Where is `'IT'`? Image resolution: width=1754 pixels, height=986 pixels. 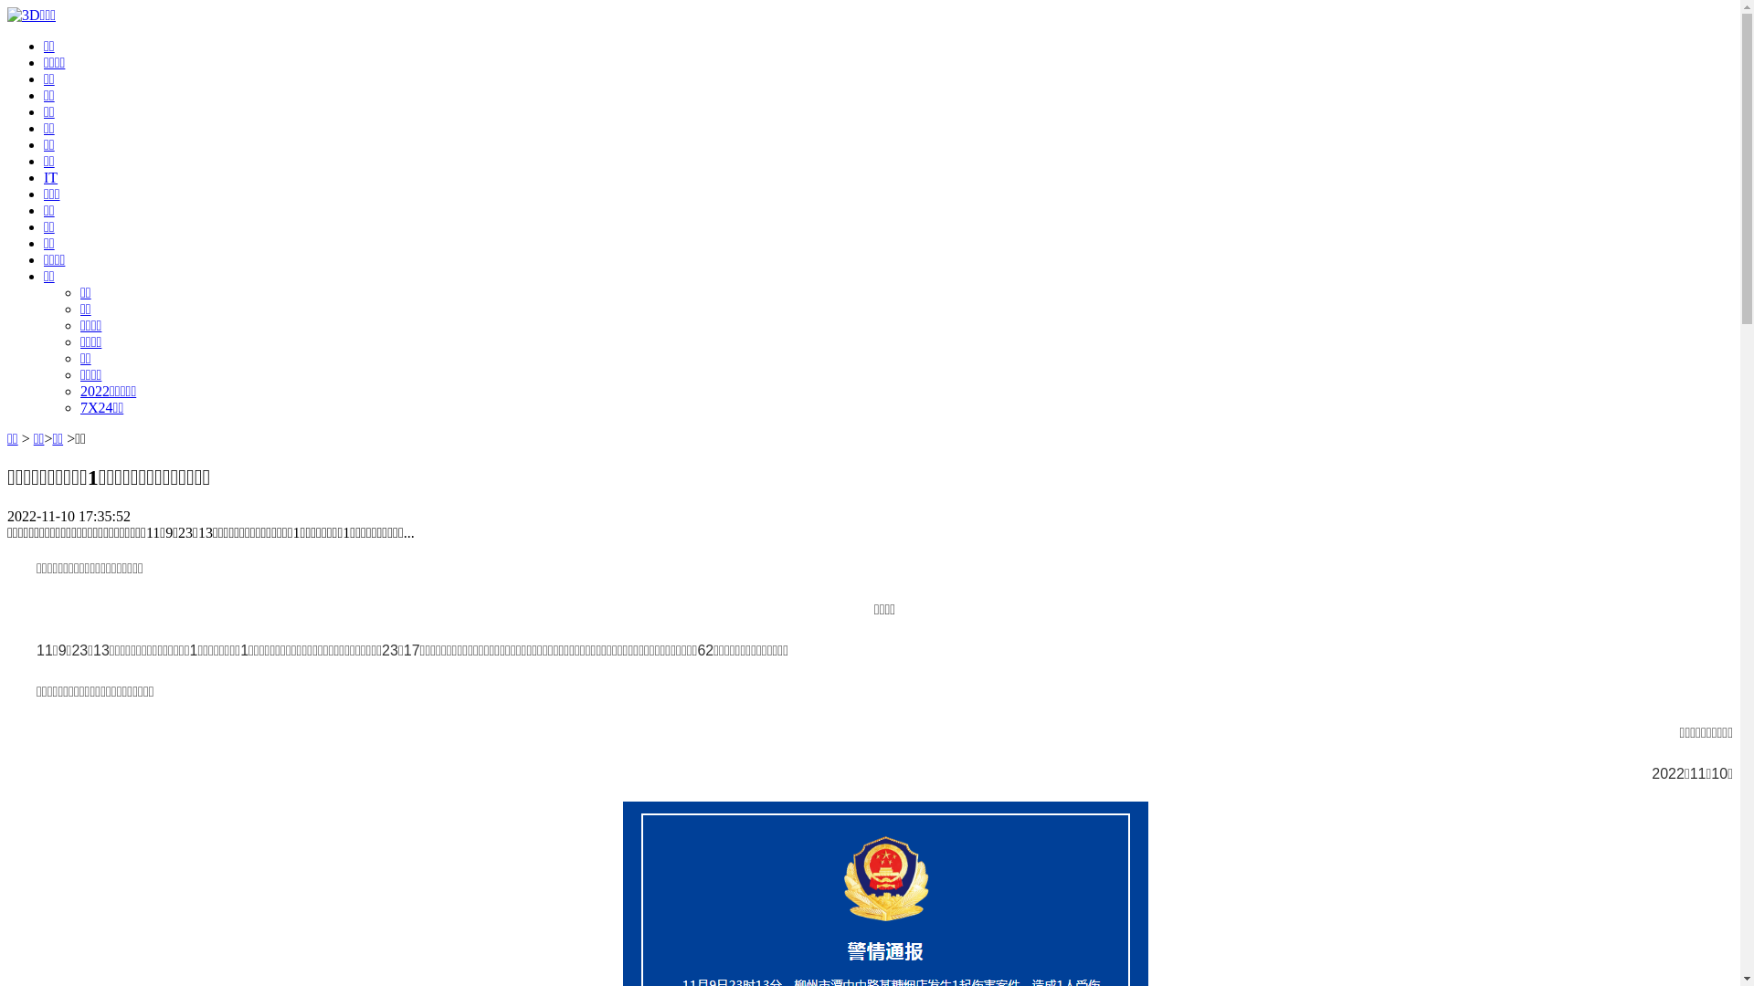 'IT' is located at coordinates (50, 177).